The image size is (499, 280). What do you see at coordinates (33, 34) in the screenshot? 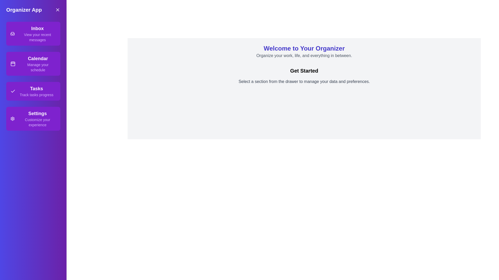
I see `the text of the section Inbox` at bounding box center [33, 34].